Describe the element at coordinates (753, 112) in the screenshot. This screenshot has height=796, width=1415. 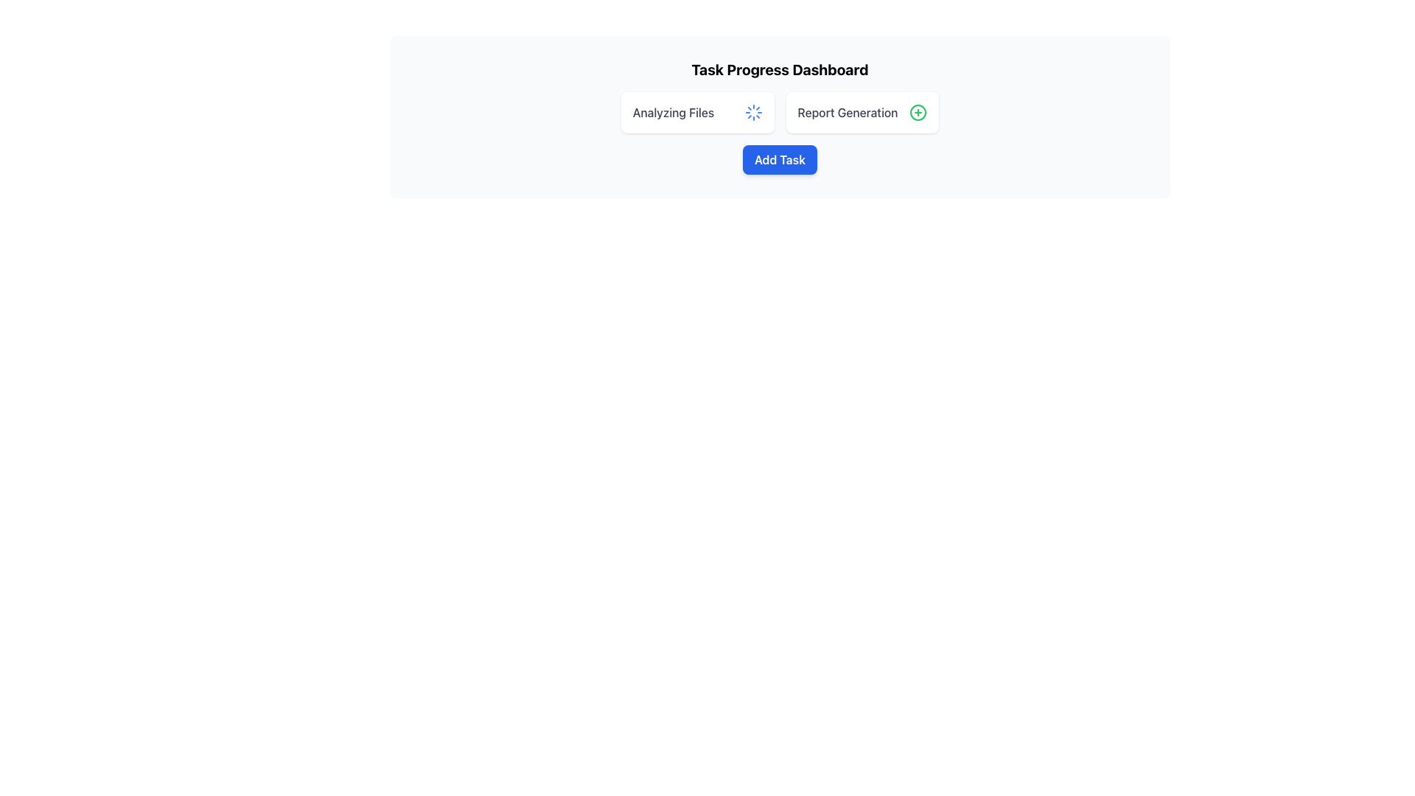
I see `the Spinner/Loader Icon located in the 'Analyzing Files' section of the 'Task Progress Dashboard' to identify the file analysis status` at that location.